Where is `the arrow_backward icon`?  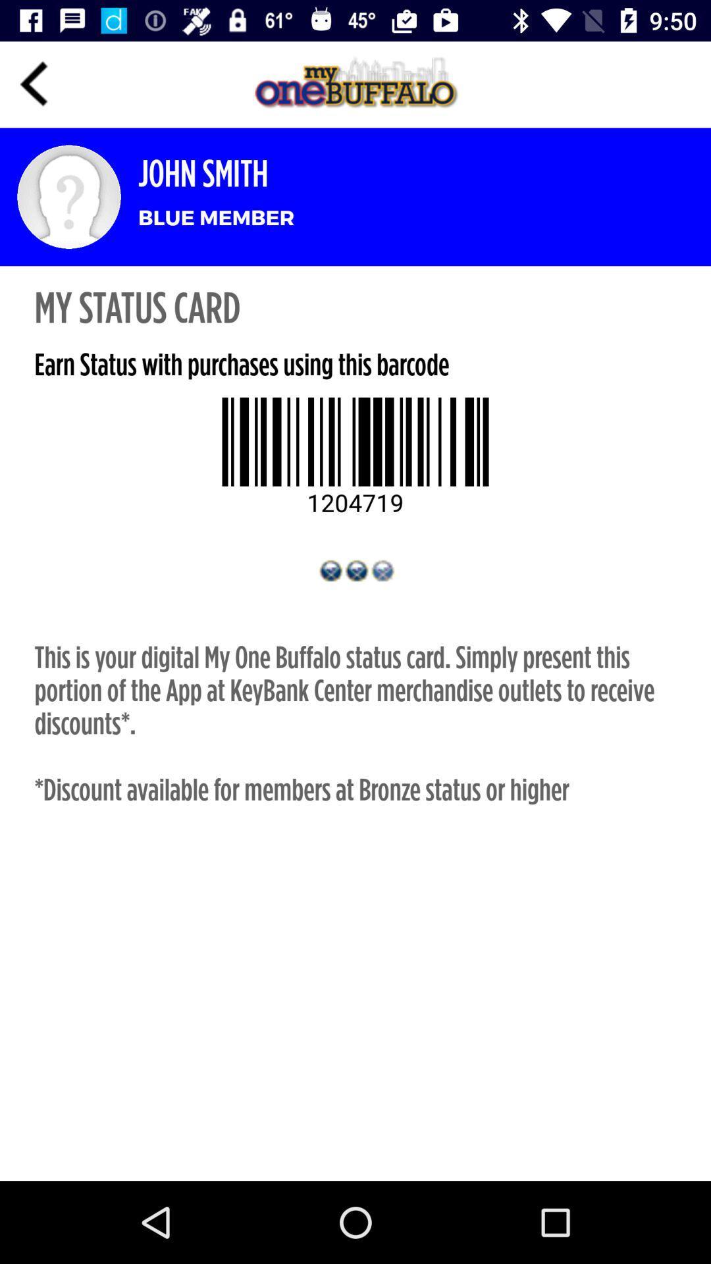
the arrow_backward icon is located at coordinates (34, 84).